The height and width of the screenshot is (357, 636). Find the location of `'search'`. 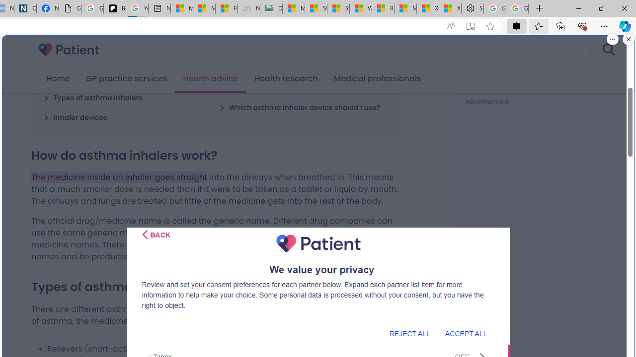

'search' is located at coordinates (608, 50).